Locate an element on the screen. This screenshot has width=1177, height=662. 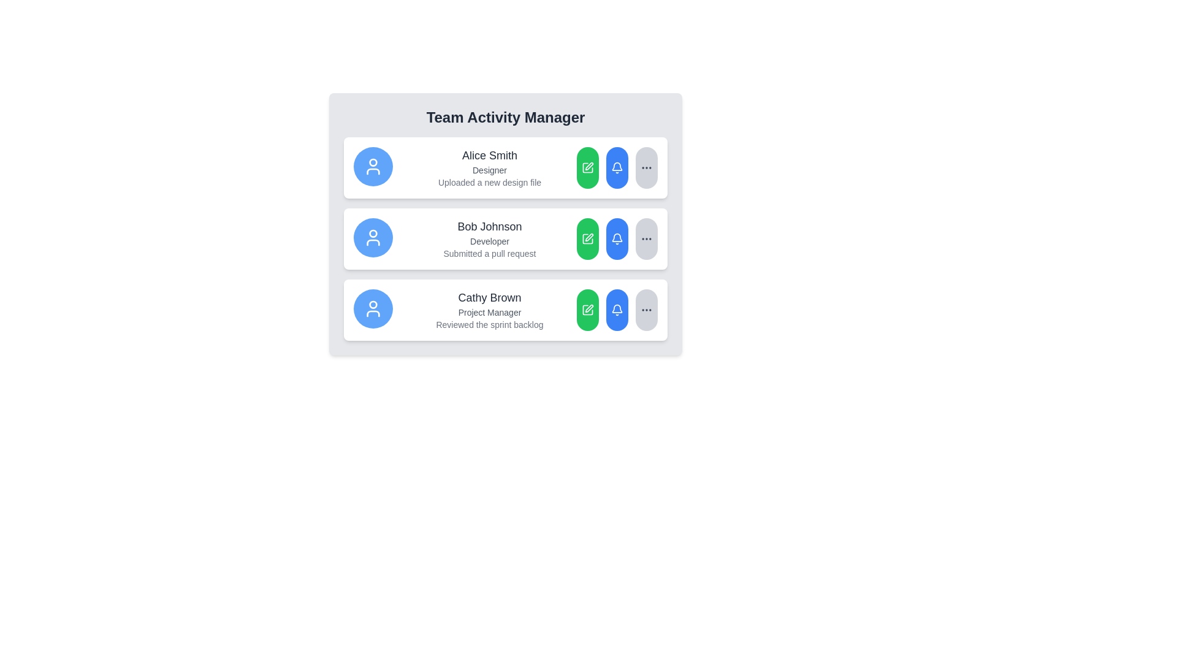
the third circular button on the right side of Bob Johnson's record in the Team Activity Manager interface is located at coordinates (646, 238).